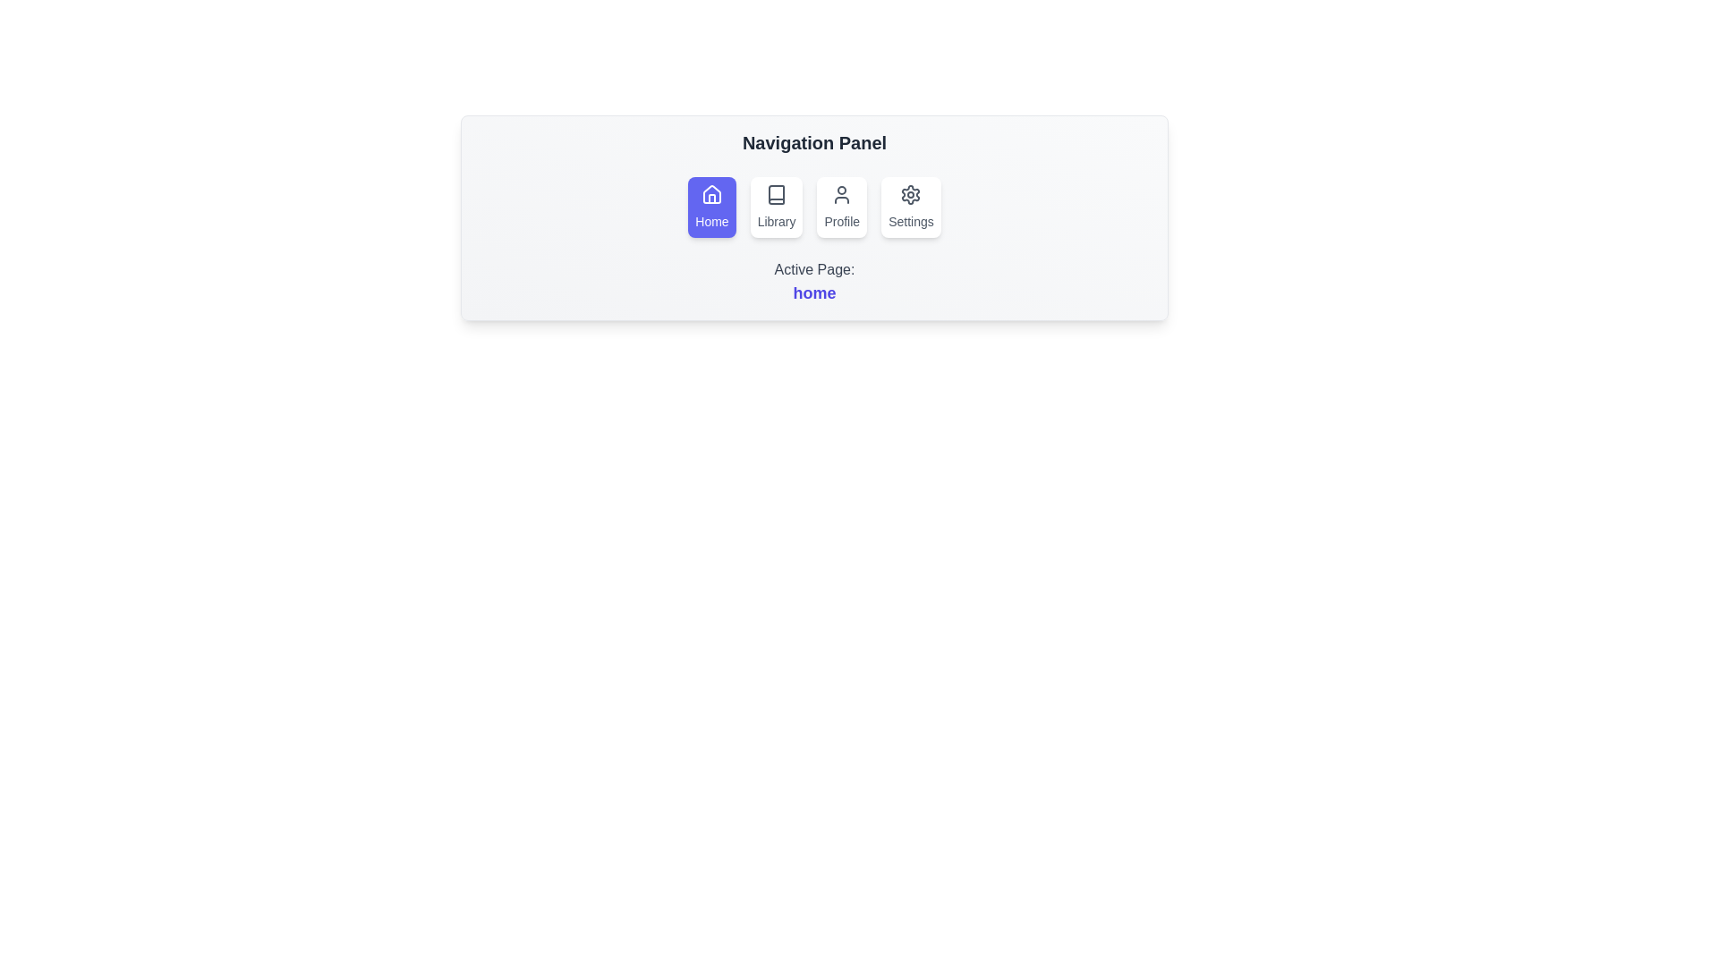  I want to click on the second button in the horizontally aligned menu that redirects to the 'Library' page, so click(777, 206).